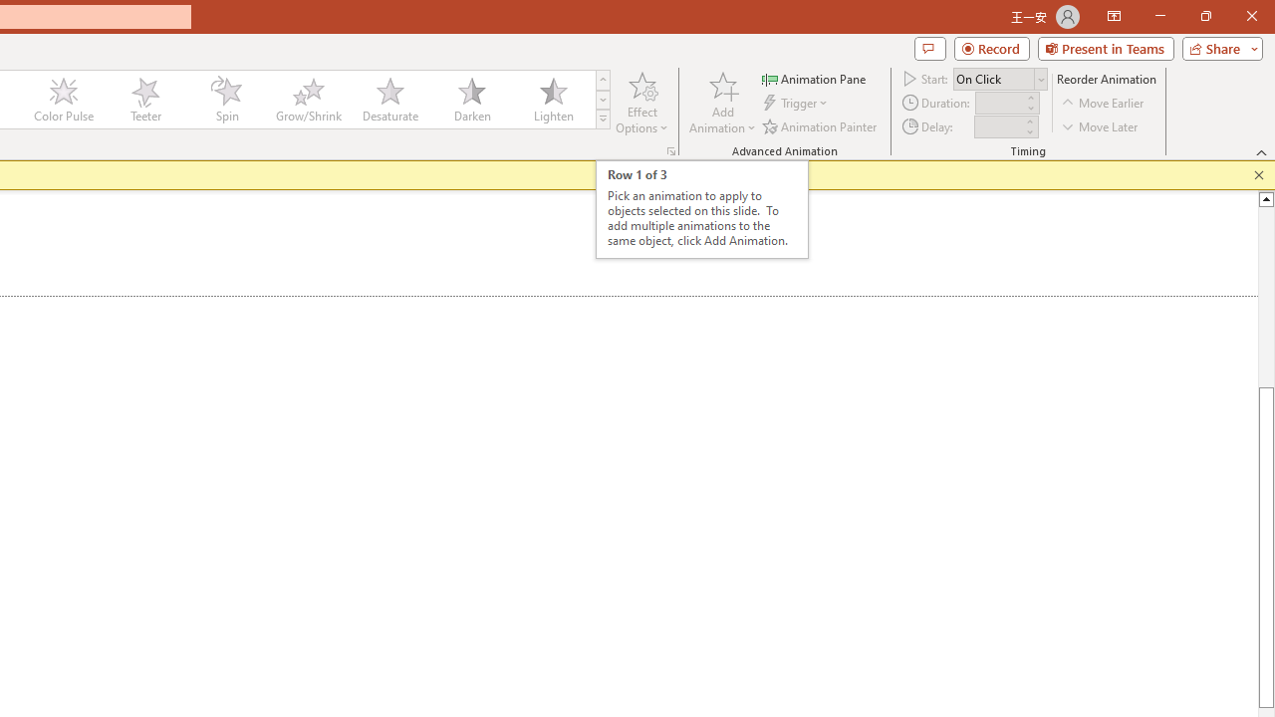 The image size is (1275, 717). Describe the element at coordinates (64, 100) in the screenshot. I see `'Color Pulse'` at that location.